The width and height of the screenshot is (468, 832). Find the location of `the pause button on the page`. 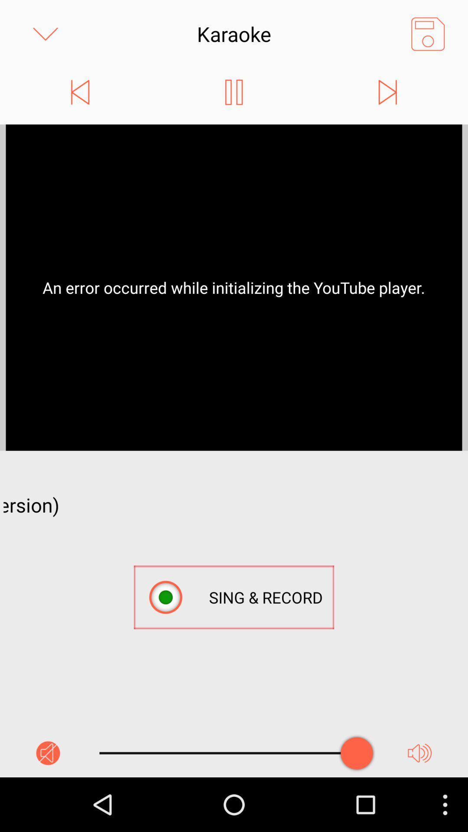

the pause button on the page is located at coordinates (233, 92).